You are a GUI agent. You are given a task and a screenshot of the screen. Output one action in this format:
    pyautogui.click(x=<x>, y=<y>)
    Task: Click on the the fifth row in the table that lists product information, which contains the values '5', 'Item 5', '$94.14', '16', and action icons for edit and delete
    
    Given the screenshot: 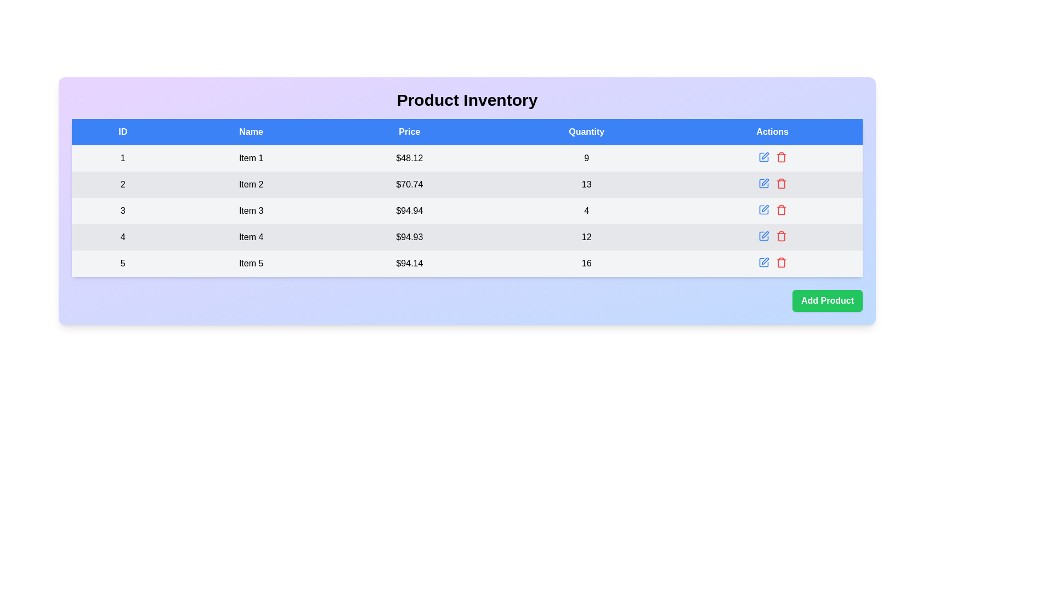 What is the action you would take?
    pyautogui.click(x=467, y=264)
    